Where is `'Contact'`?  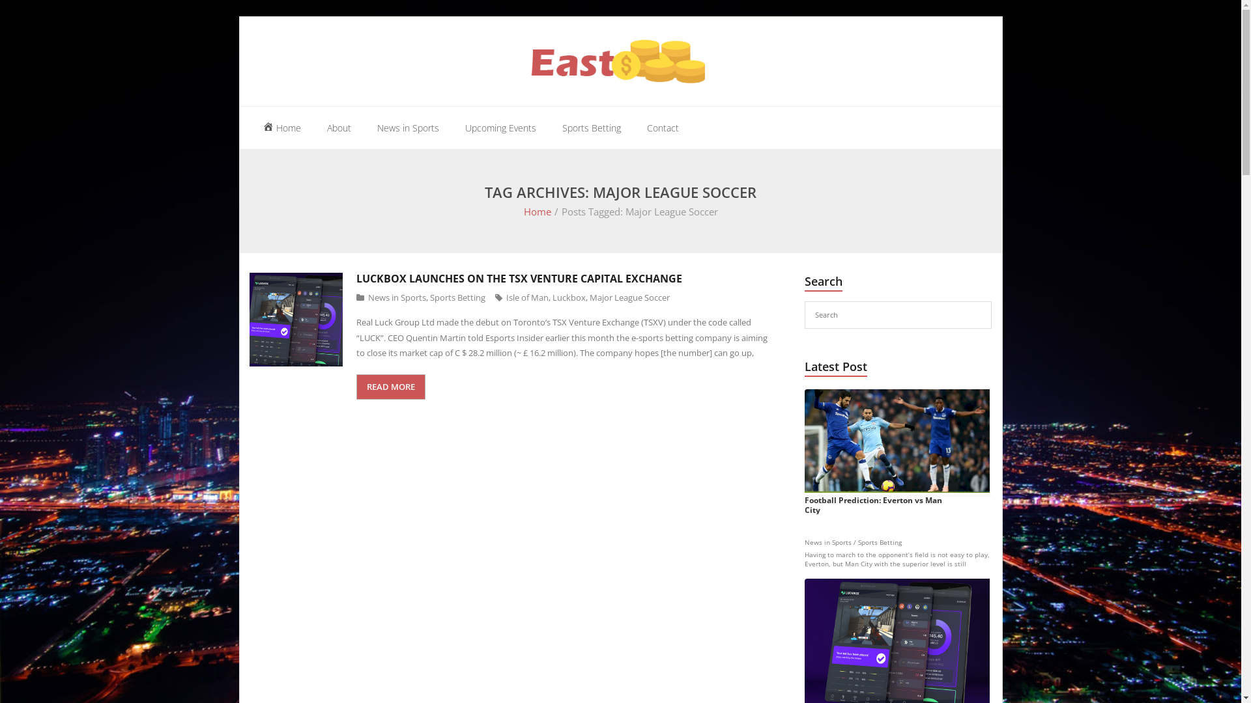
'Contact' is located at coordinates (663, 128).